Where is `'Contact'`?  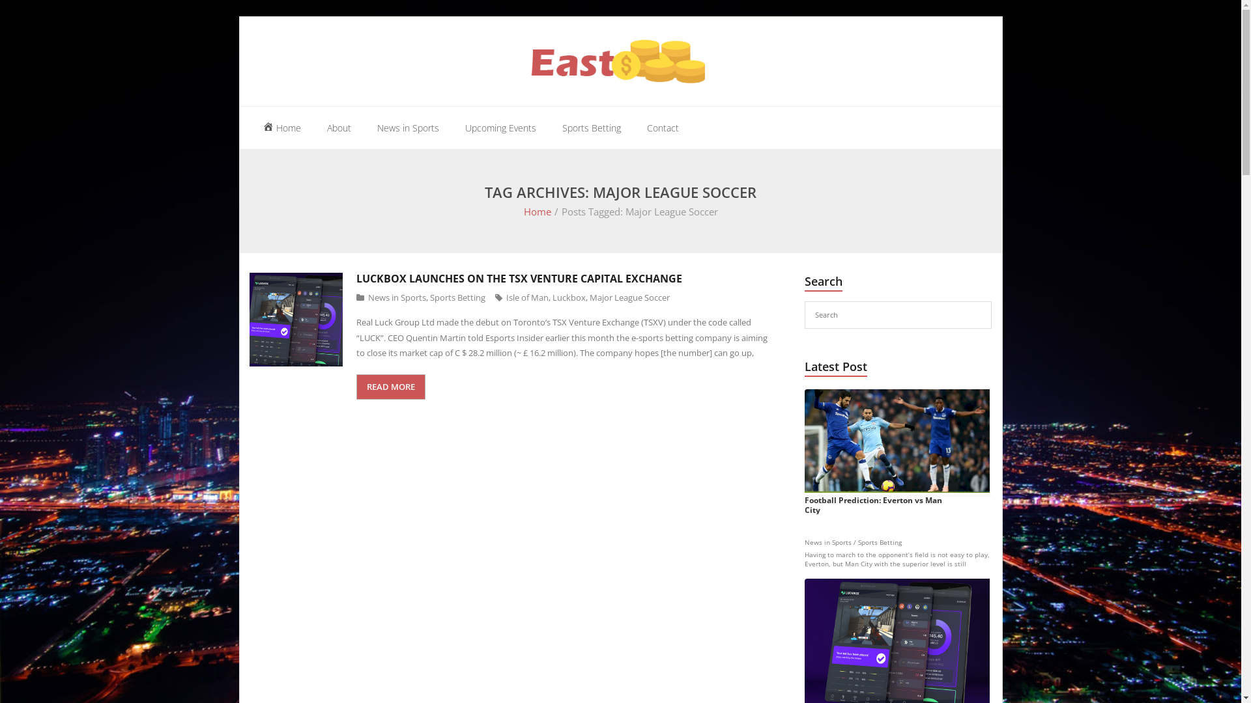
'Contact' is located at coordinates (663, 128).